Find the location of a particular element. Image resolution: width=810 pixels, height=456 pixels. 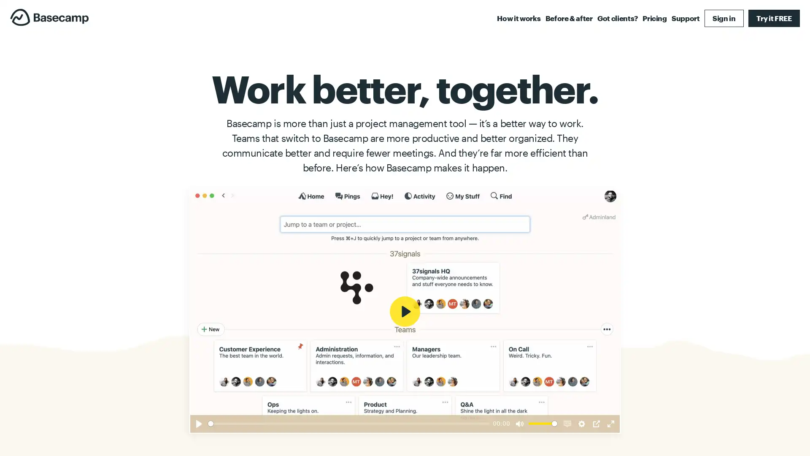

Enable captions is located at coordinates (567, 423).